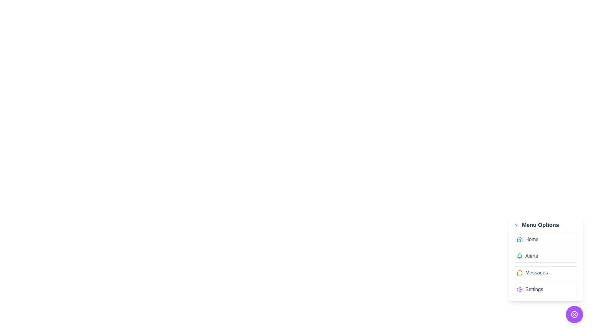  What do you see at coordinates (546, 239) in the screenshot?
I see `the navigation button located under the title 'Menu Options', which is the first item in the list above 'Alerts', 'Messages', and 'Settings'` at bounding box center [546, 239].